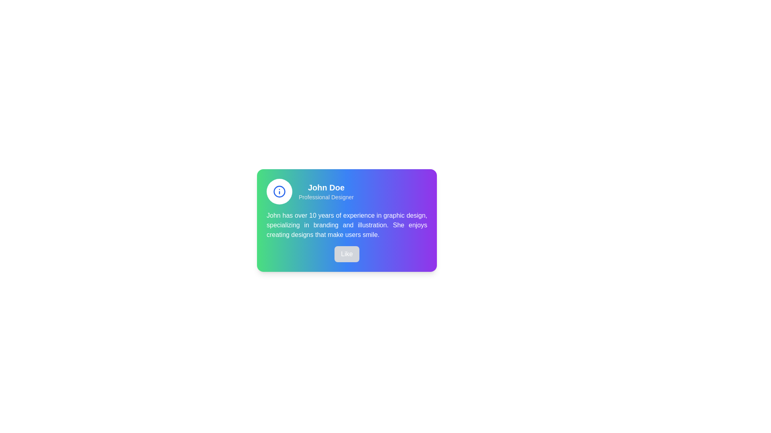 Image resolution: width=771 pixels, height=433 pixels. What do you see at coordinates (326, 187) in the screenshot?
I see `text label that signifies the name of the profile owner, positioned prominently above the subtitle and to the right of the informational icon` at bounding box center [326, 187].